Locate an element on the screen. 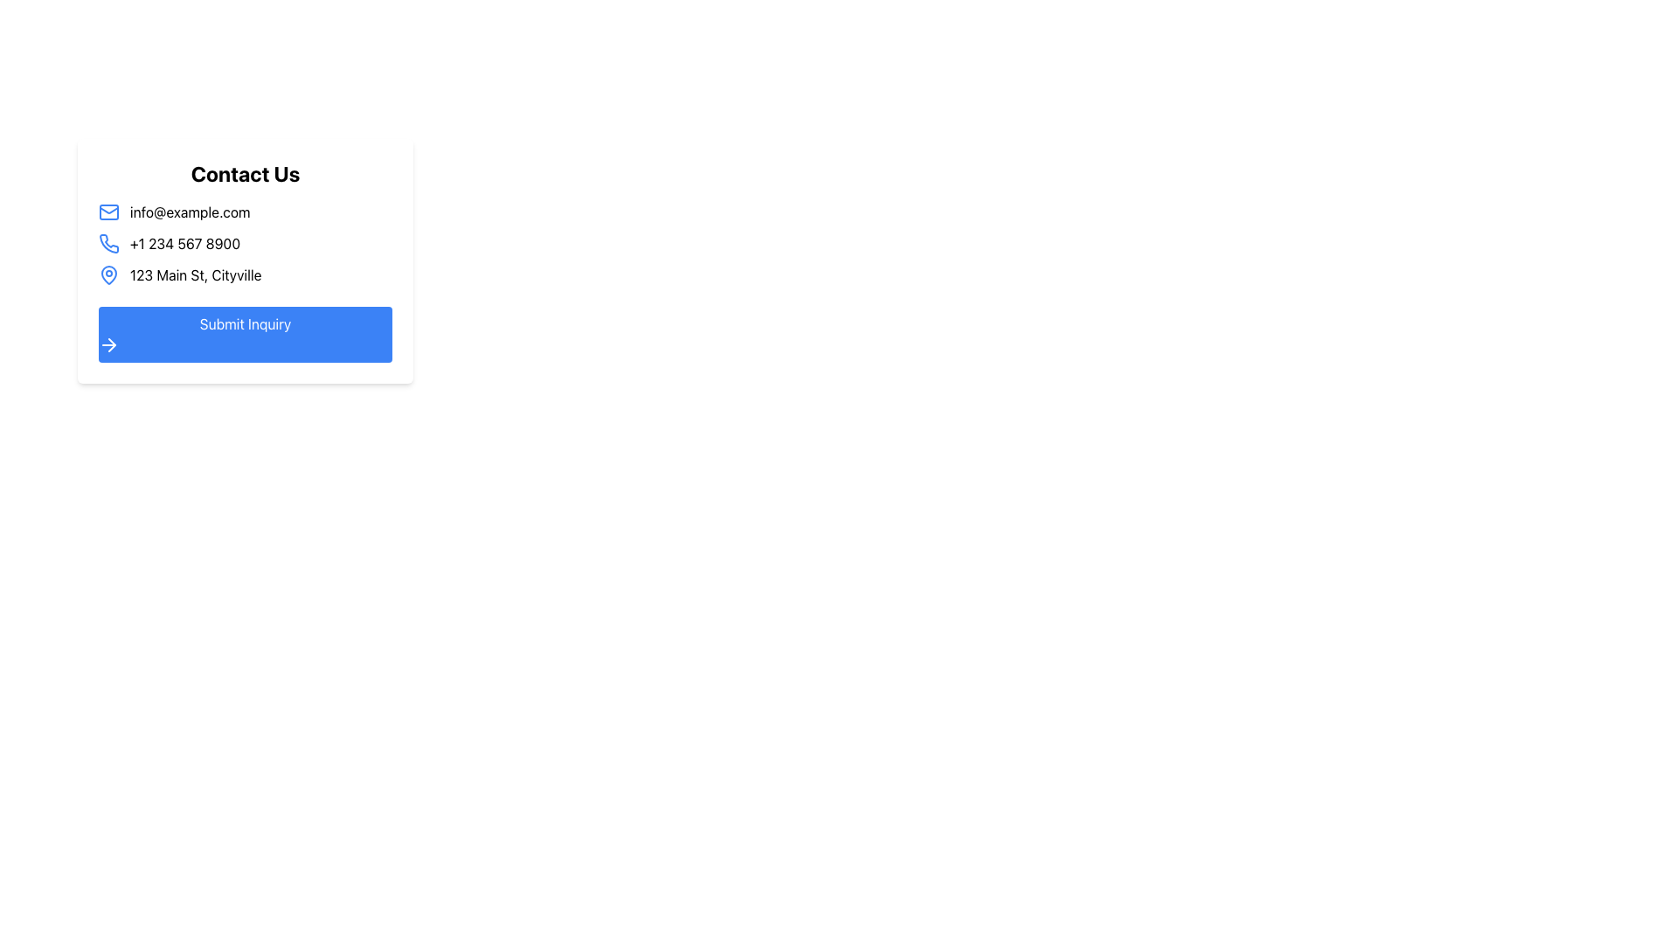 The image size is (1678, 944). the lower part of the envelope in the mail icon located in the 'Contact Us' section of the UI, which symbolizes email communication is located at coordinates (107, 208).